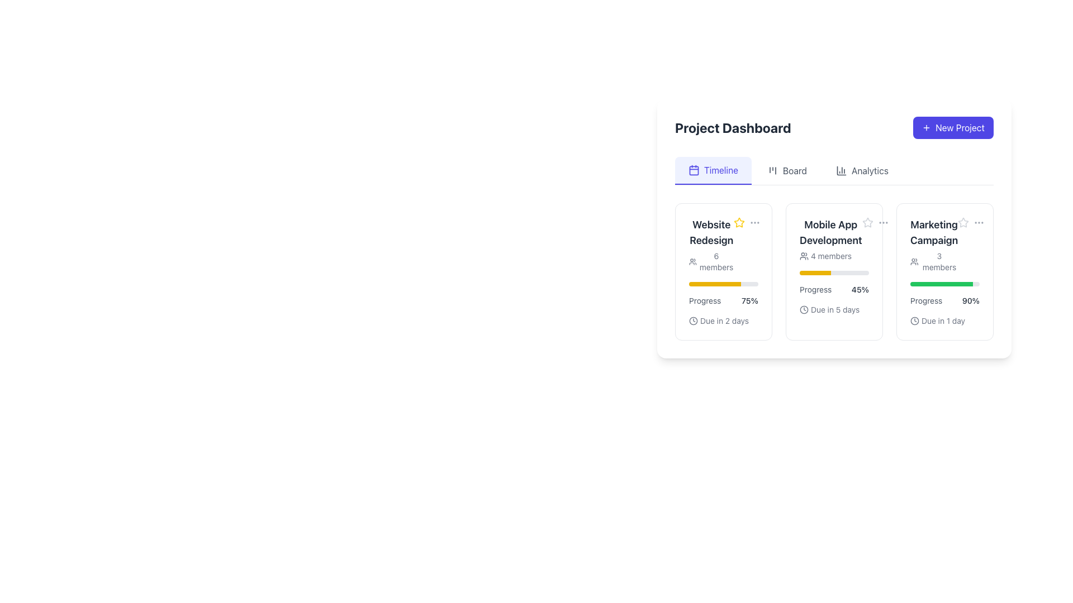 The image size is (1073, 603). I want to click on the progress bar that represents 75% completion located in the 'Website Redesign' card section, situated between the '6 members' icon and the progress status text, so click(724, 284).